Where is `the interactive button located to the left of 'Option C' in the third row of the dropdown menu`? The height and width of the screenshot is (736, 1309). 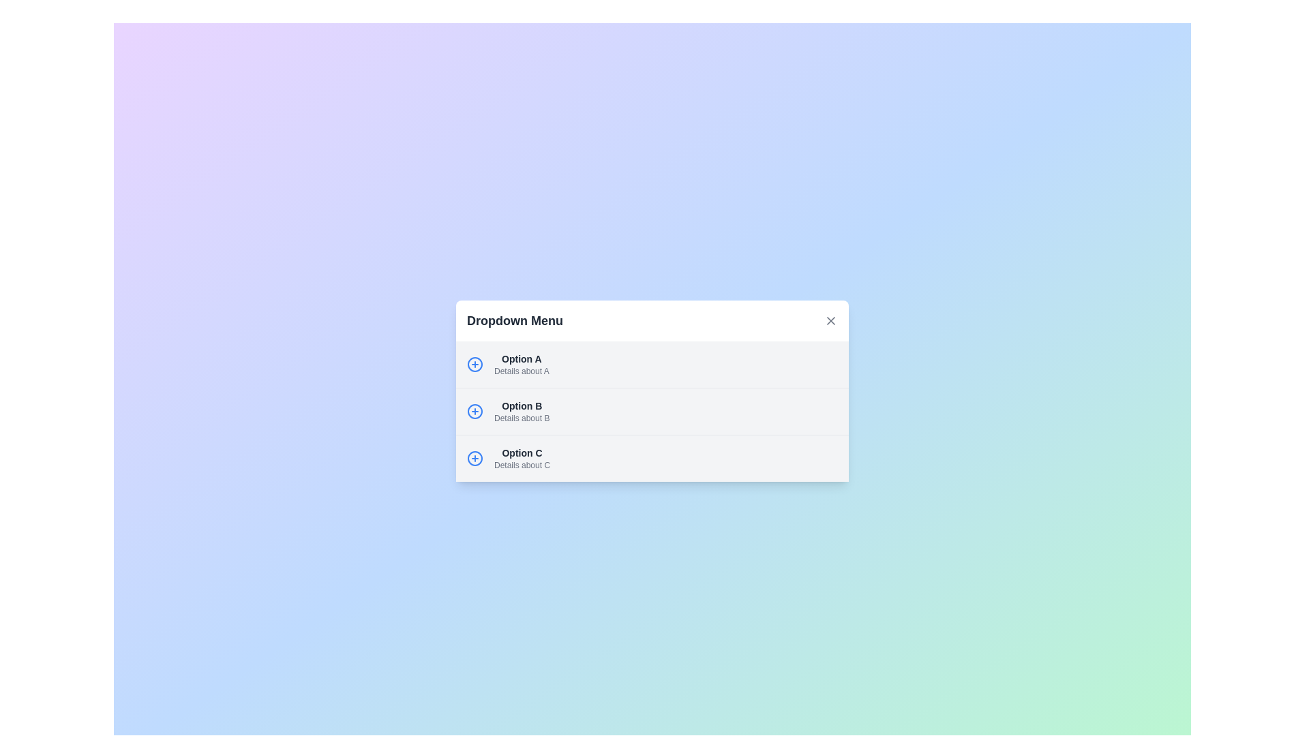
the interactive button located to the left of 'Option C' in the third row of the dropdown menu is located at coordinates (475, 458).